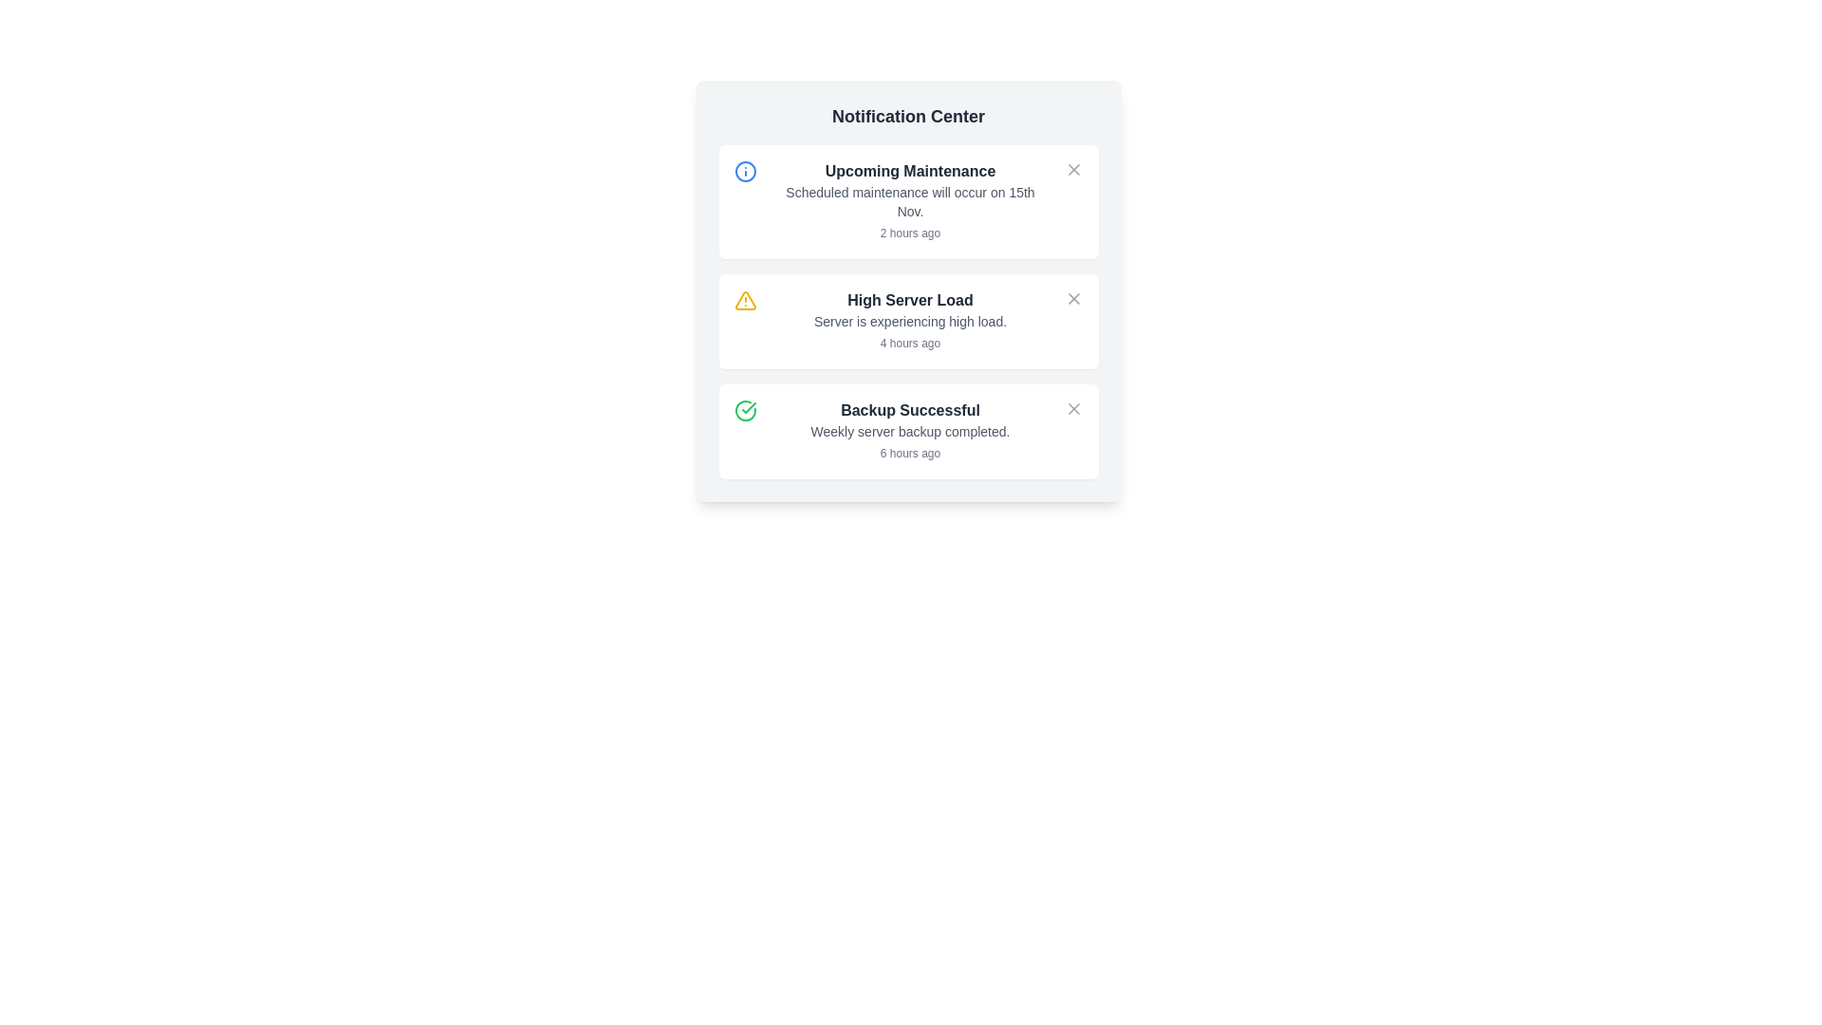 The height and width of the screenshot is (1025, 1822). Describe the element at coordinates (909, 432) in the screenshot. I see `the status notification text block that indicates 'Backup Successful' along with its subtext and timestamp` at that location.